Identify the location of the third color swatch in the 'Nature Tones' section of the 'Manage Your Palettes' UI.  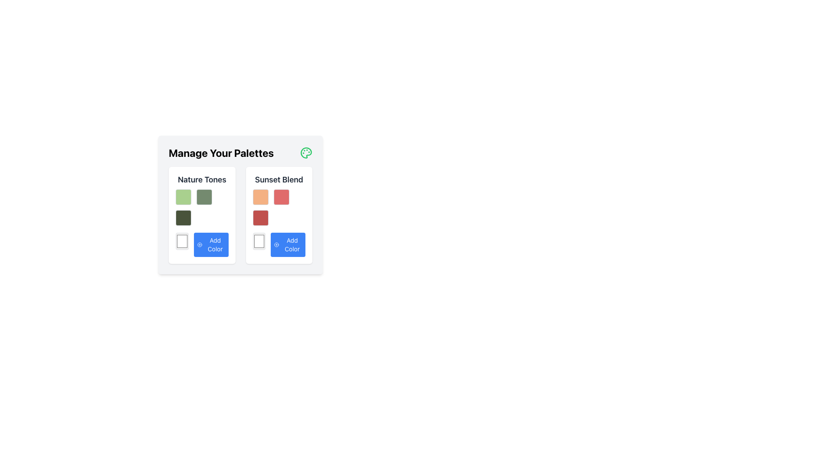
(183, 217).